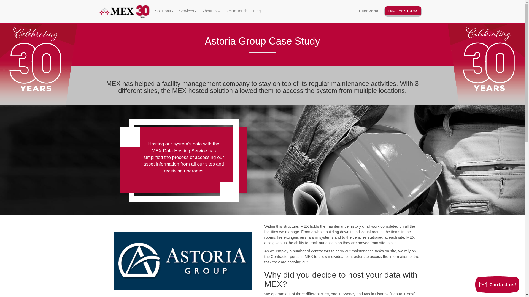  What do you see at coordinates (188, 11) in the screenshot?
I see `'Services'` at bounding box center [188, 11].